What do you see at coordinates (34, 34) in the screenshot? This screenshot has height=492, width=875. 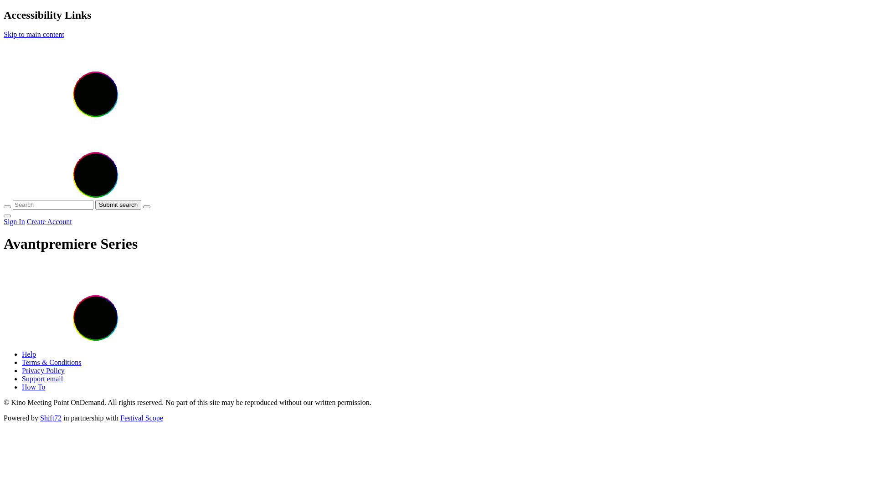 I see `'Skip to main content'` at bounding box center [34, 34].